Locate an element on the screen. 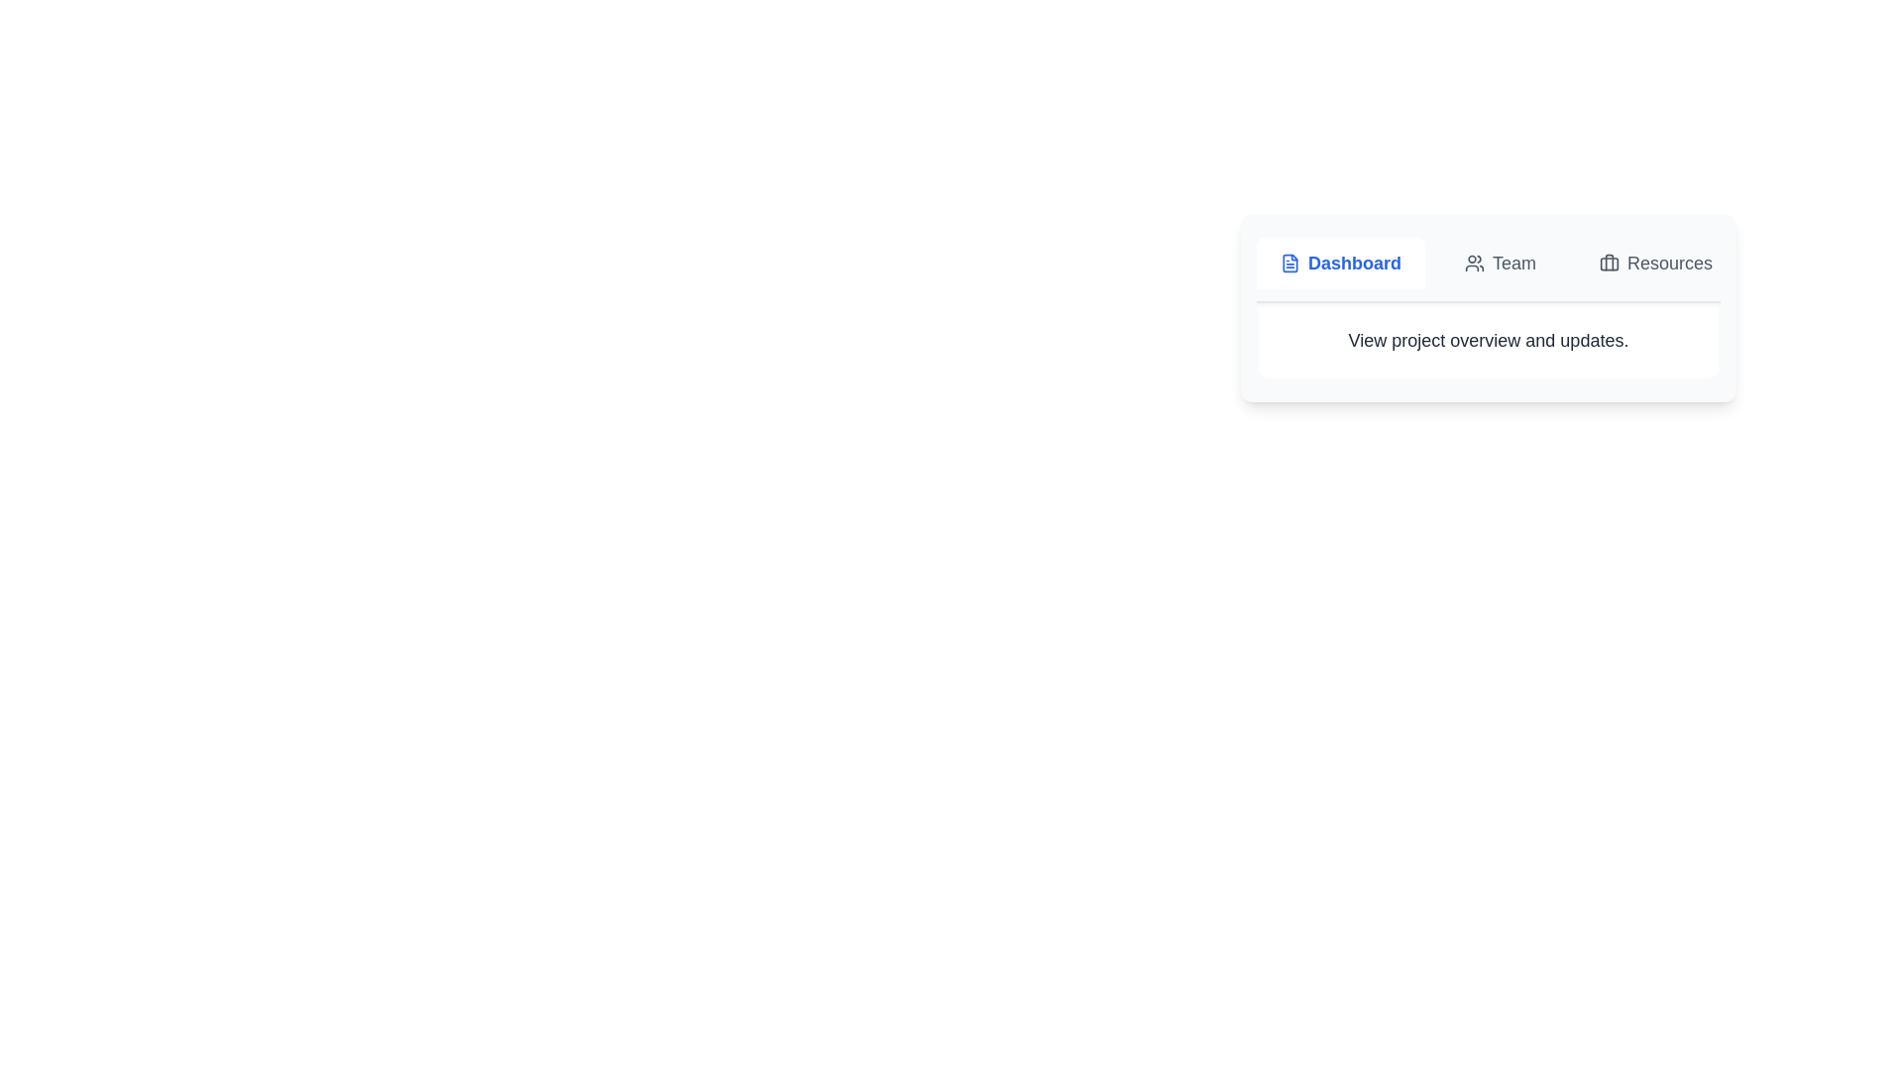  the tab labeled 'Dashboard' to activate it and observe the visual change is located at coordinates (1341, 263).